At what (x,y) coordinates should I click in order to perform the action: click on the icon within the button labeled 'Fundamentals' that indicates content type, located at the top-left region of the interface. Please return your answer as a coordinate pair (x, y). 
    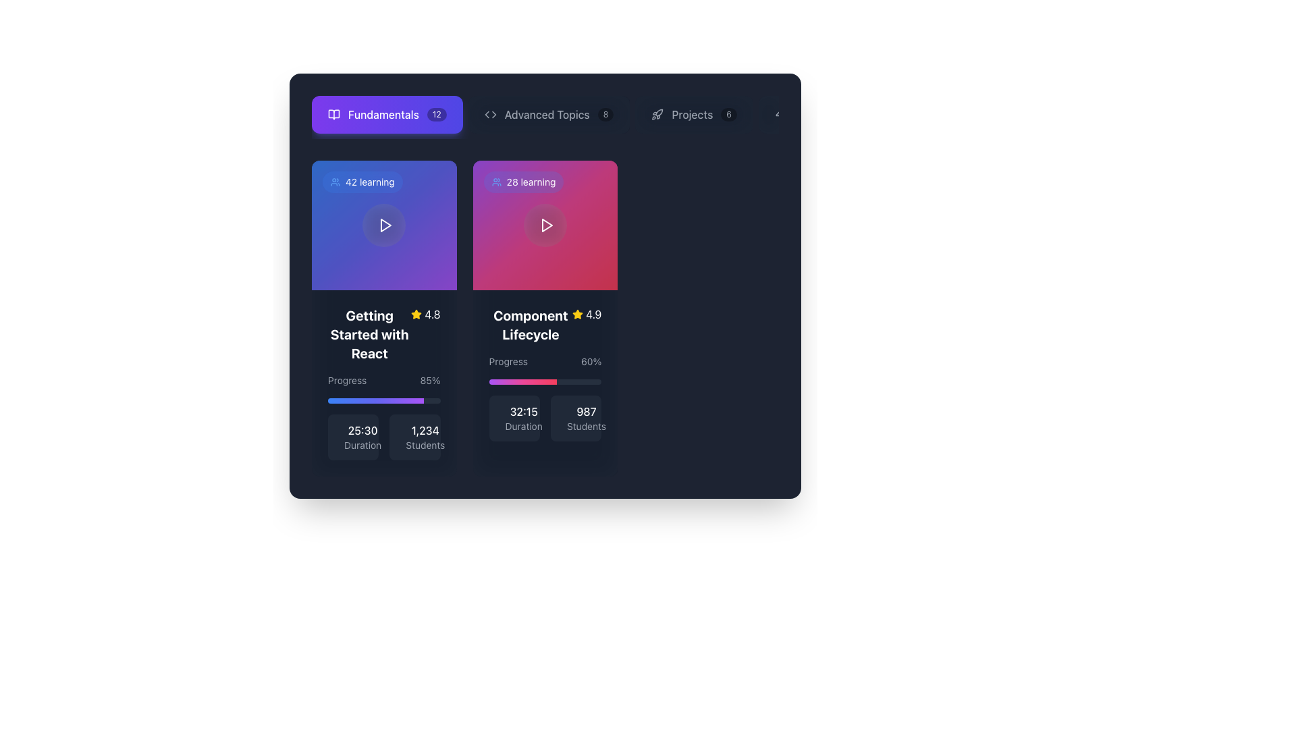
    Looking at the image, I should click on (333, 113).